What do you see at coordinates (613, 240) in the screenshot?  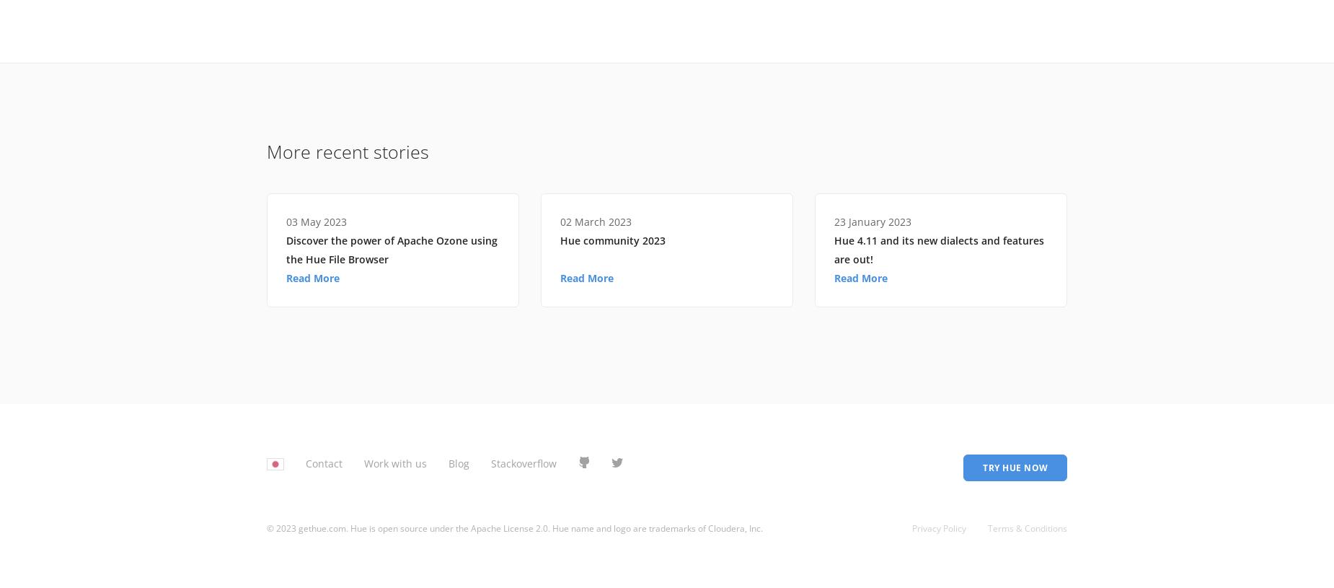 I see `'Hue community 2023'` at bounding box center [613, 240].